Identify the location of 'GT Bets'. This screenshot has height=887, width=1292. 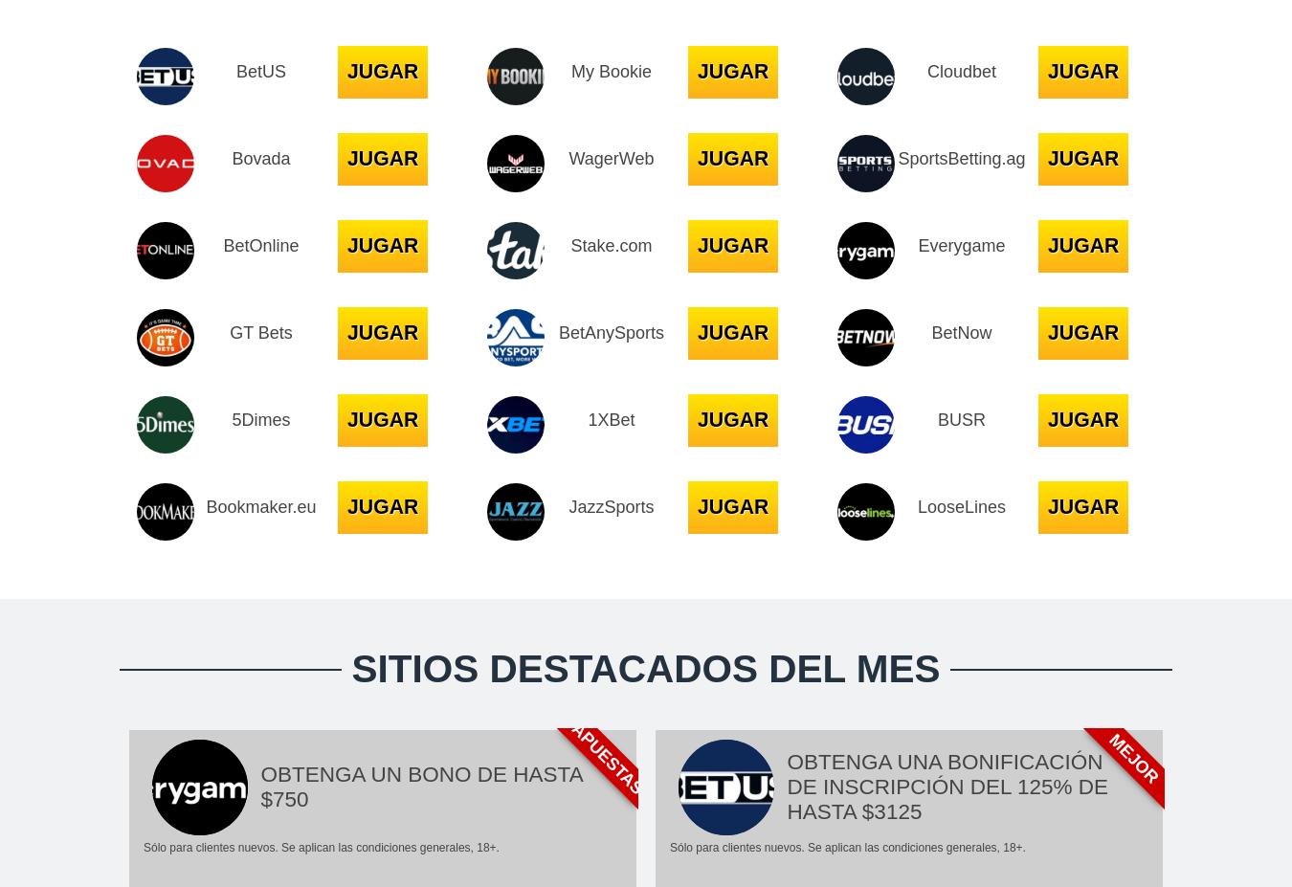
(259, 330).